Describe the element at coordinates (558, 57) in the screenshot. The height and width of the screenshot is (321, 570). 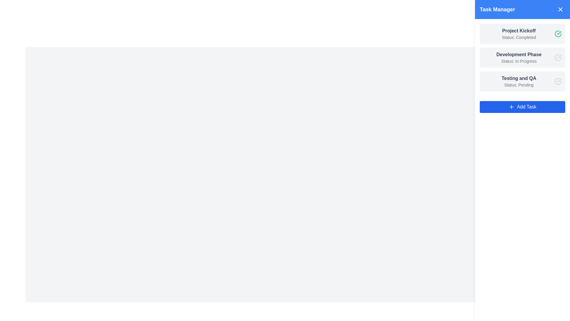
I see `the circular icon with a checkmark symbol located at the far-right side of the 'Development Phase' task row in the 'Task Manager' panel` at that location.